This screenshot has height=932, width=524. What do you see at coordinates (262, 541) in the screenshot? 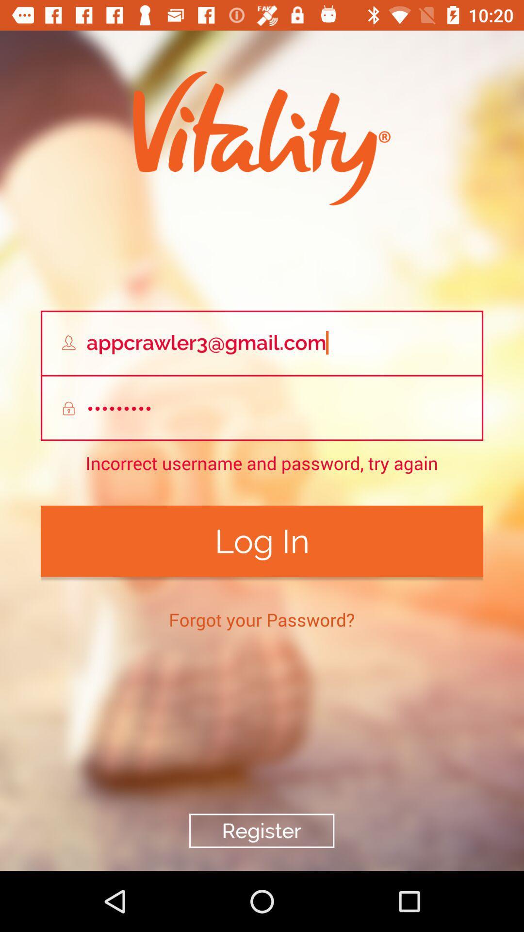
I see `item below incorrect username and item` at bounding box center [262, 541].